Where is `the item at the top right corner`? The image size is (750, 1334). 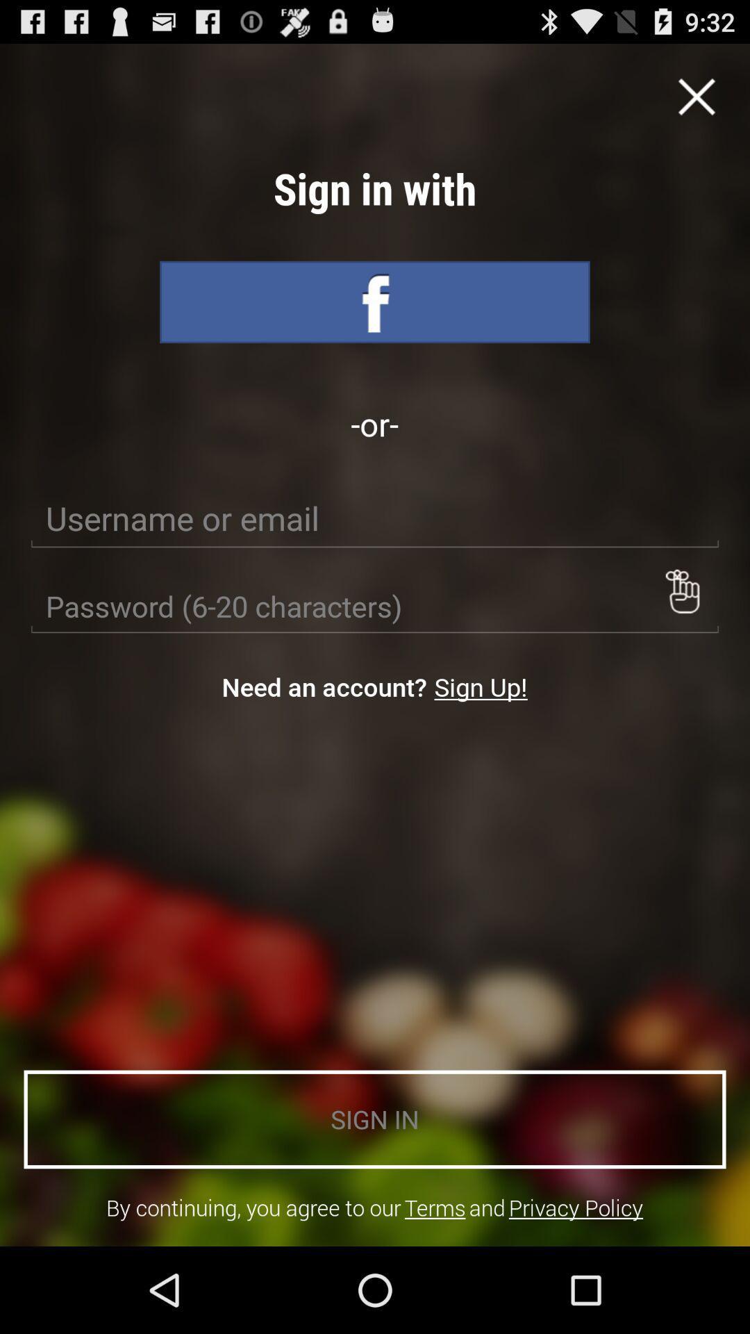
the item at the top right corner is located at coordinates (697, 96).